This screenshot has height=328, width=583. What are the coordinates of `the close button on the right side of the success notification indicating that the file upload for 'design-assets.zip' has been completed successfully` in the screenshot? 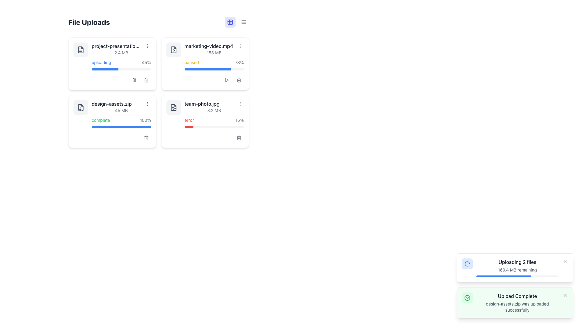 It's located at (514, 302).